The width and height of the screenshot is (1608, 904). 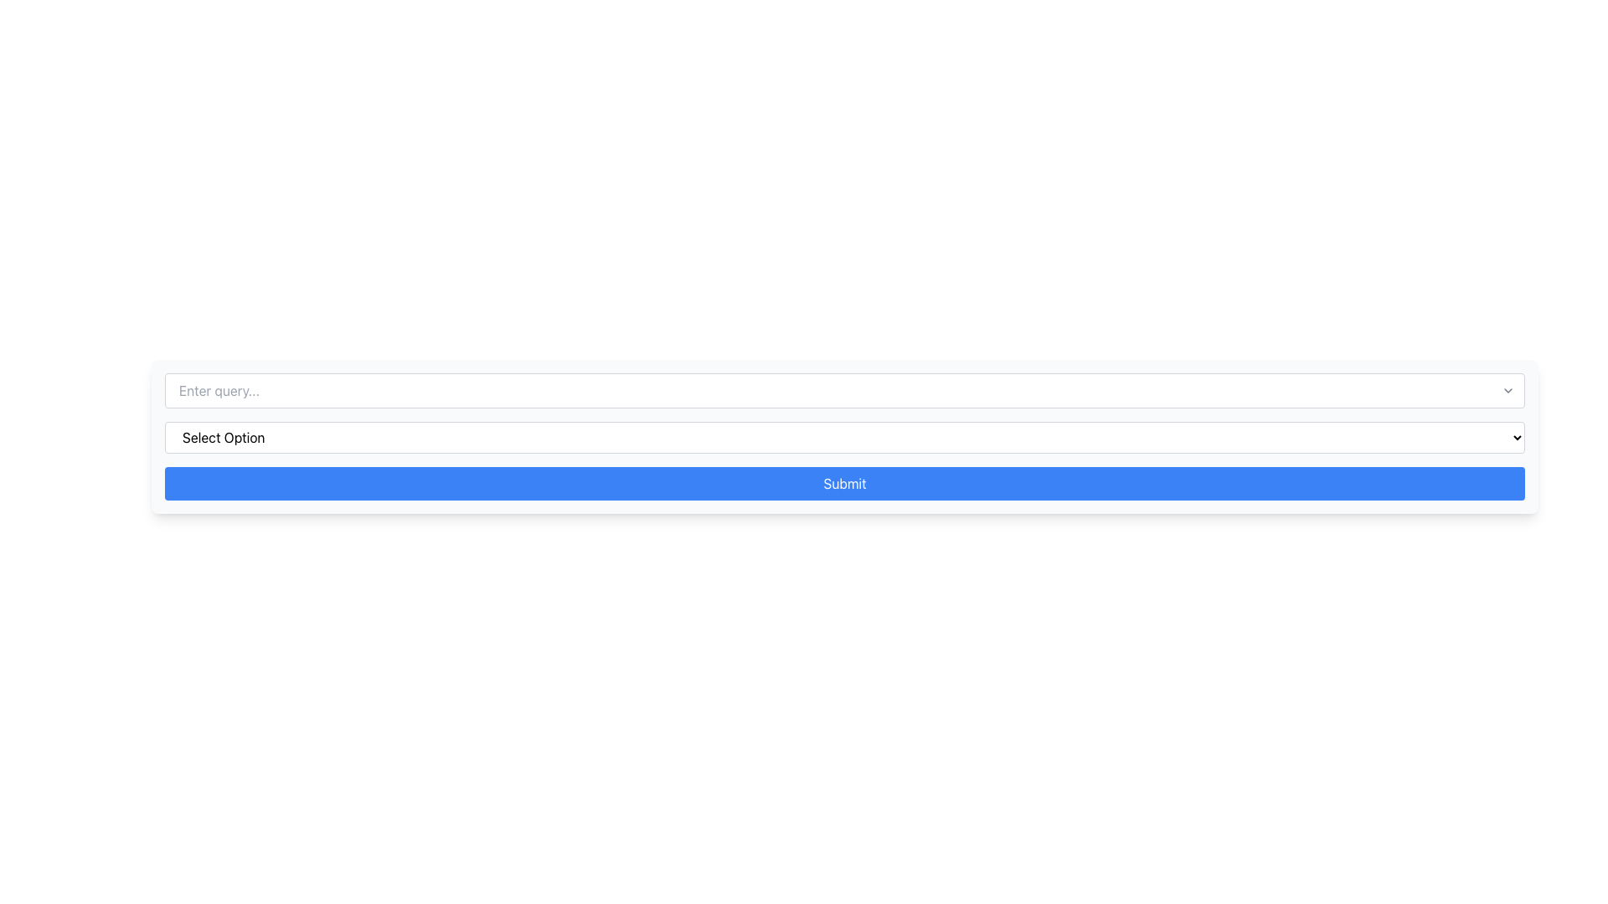 I want to click on the submit button located below the dropdown menu, so click(x=844, y=484).